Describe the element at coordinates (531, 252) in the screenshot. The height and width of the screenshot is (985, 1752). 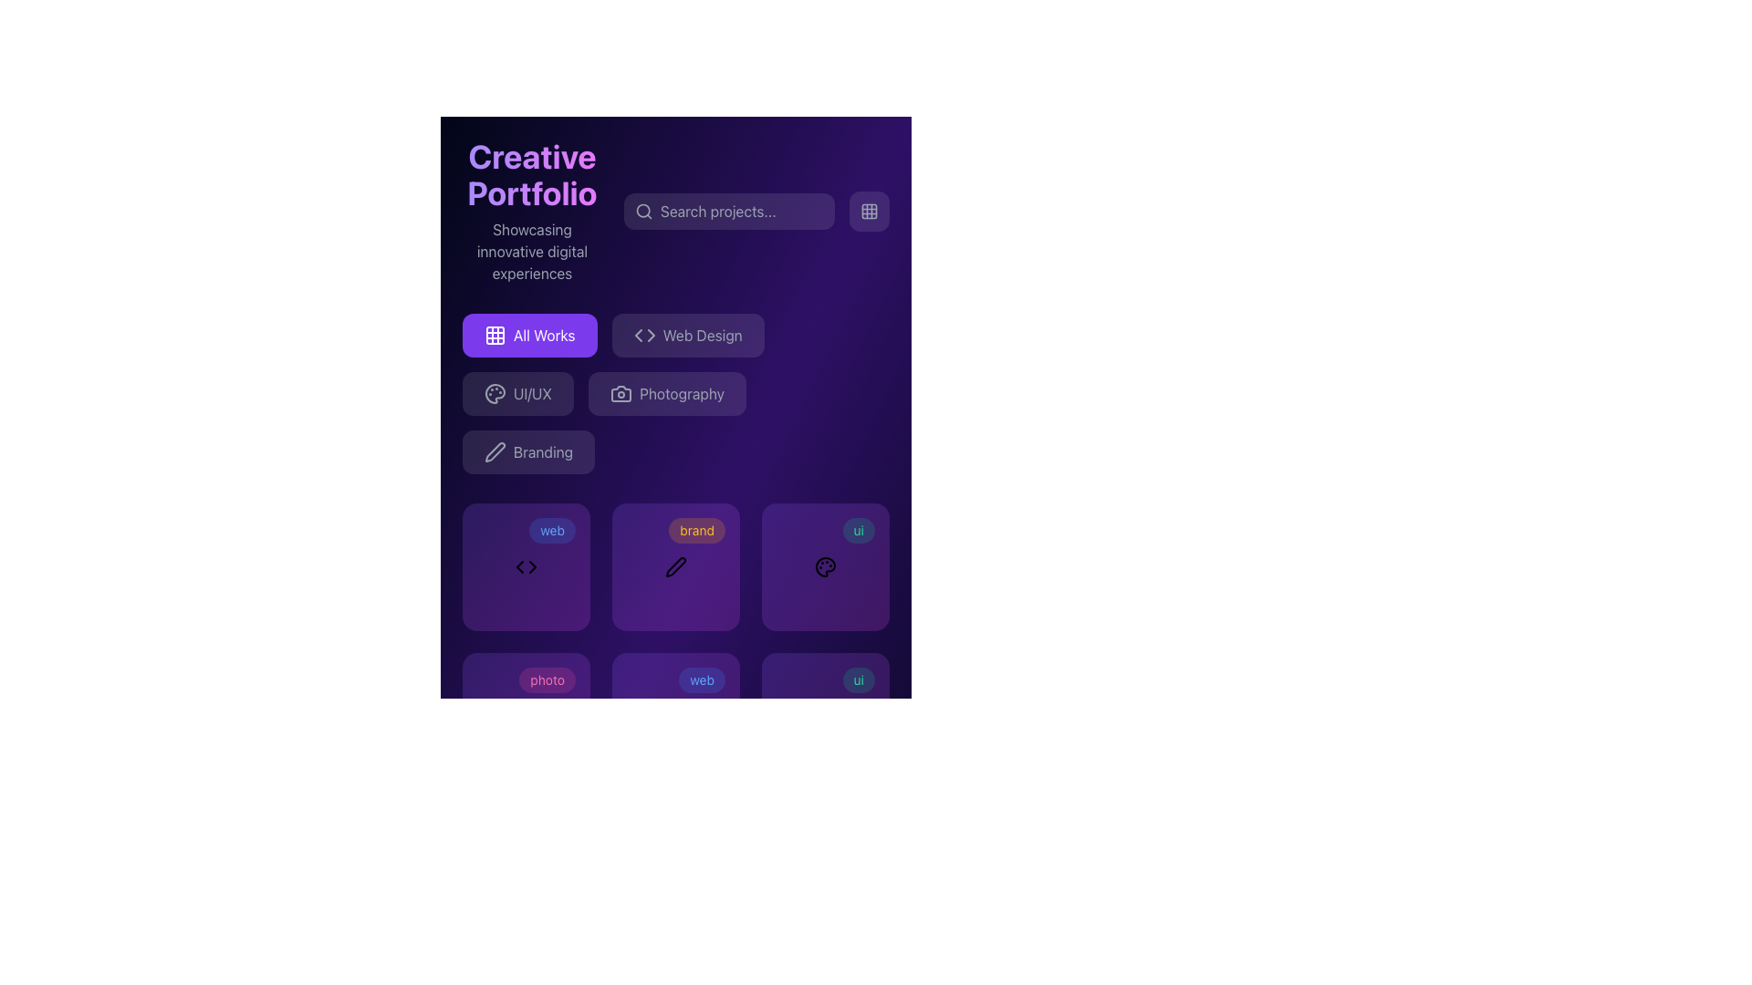
I see `descriptive subheading located directly beneath the main title 'Creative Portfolio' in the top-left region of the interface` at that location.